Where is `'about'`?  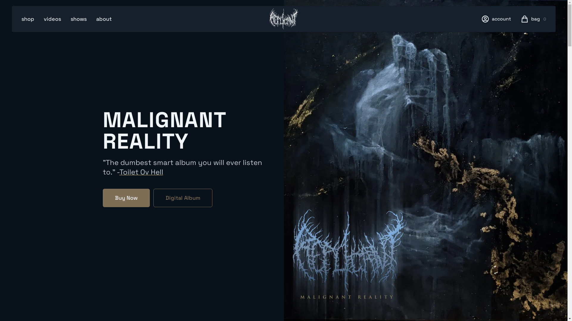 'about' is located at coordinates (104, 19).